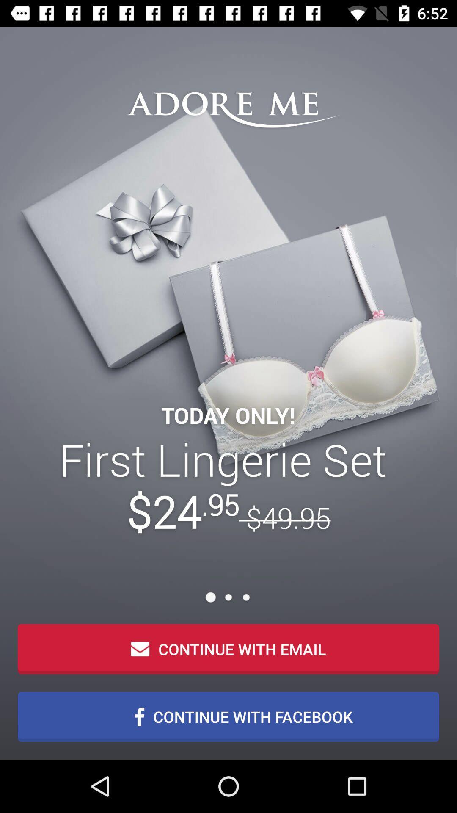 The image size is (457, 813). What do you see at coordinates (228, 485) in the screenshot?
I see `first lingerie set icon` at bounding box center [228, 485].